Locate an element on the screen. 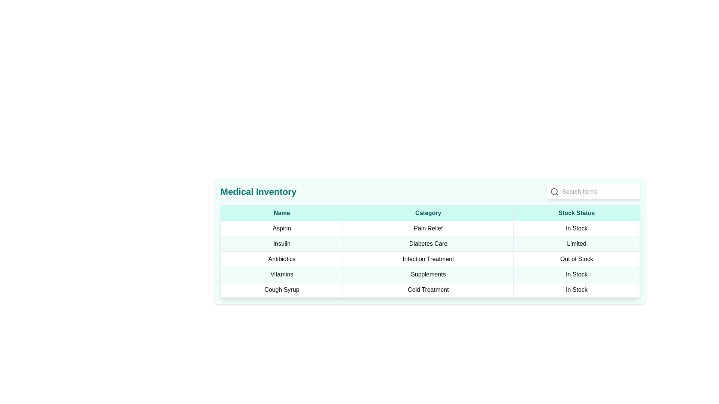  the 'Category' table header, which is the second column header in a table with a light green background, located between the 'Name' and 'Stock Status' headers is located at coordinates (428, 213).